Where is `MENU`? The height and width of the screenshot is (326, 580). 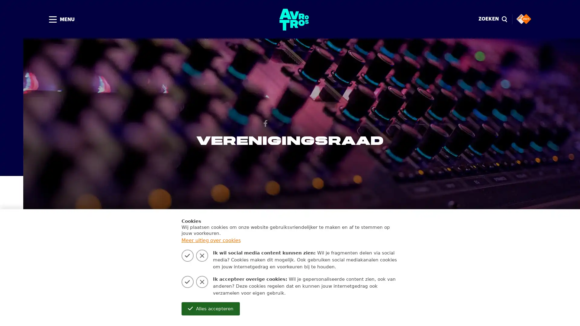 MENU is located at coordinates (61, 19).